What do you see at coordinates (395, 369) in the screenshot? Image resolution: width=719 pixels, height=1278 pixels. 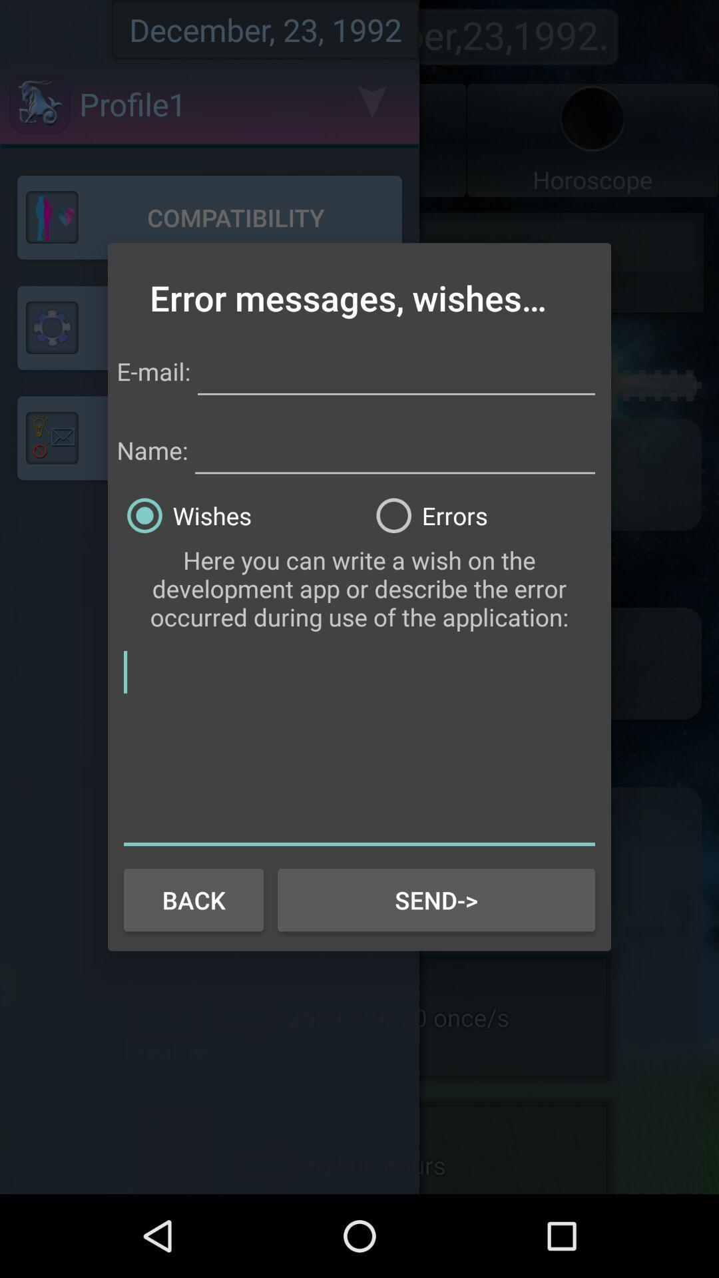 I see `a blank space to put email` at bounding box center [395, 369].